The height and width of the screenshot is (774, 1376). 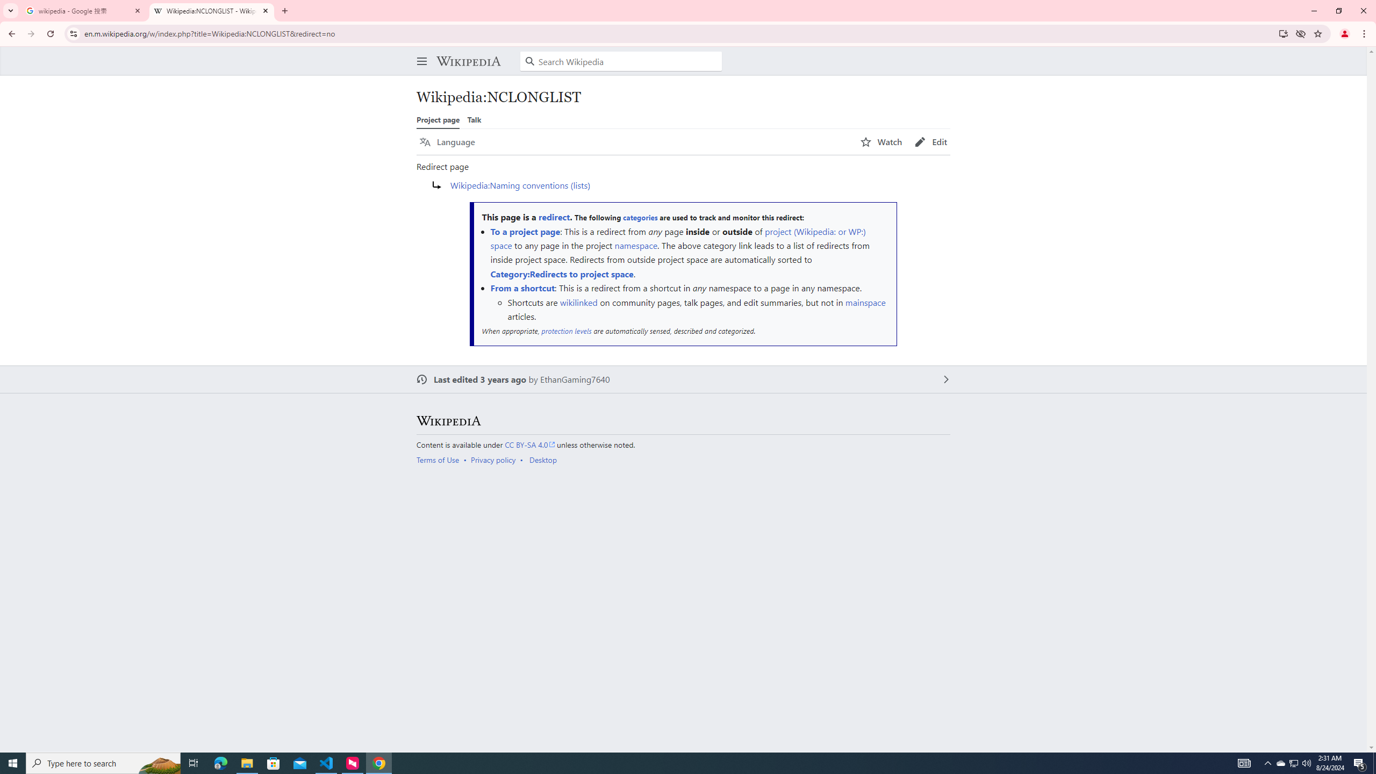 I want to click on 'namespace', so click(x=635, y=245).